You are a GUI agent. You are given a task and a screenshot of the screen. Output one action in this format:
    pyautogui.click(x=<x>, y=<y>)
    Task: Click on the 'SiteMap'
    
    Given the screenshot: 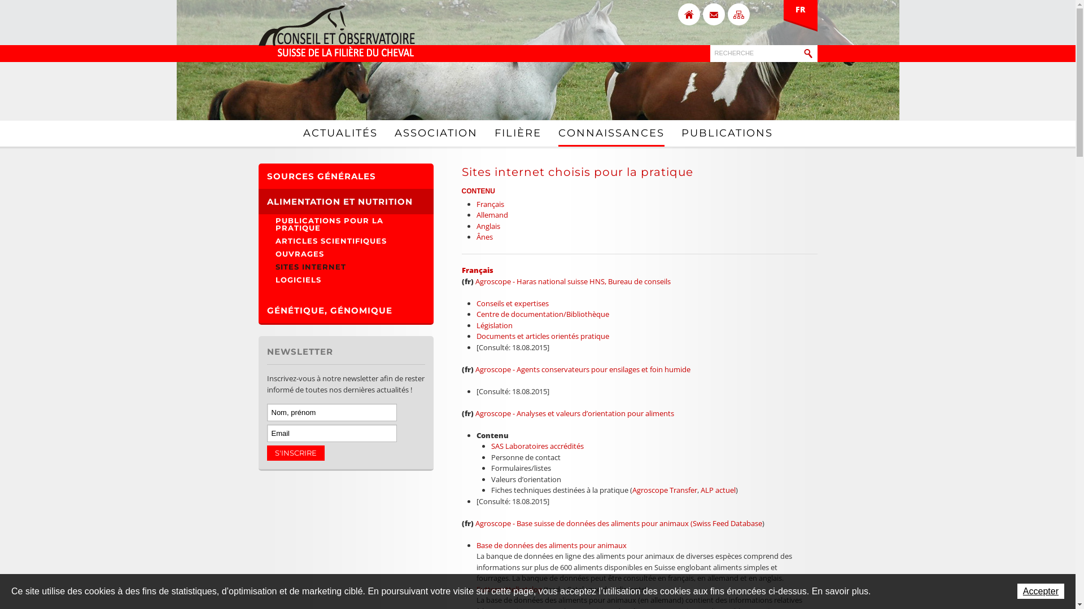 What is the action you would take?
    pyautogui.click(x=738, y=14)
    